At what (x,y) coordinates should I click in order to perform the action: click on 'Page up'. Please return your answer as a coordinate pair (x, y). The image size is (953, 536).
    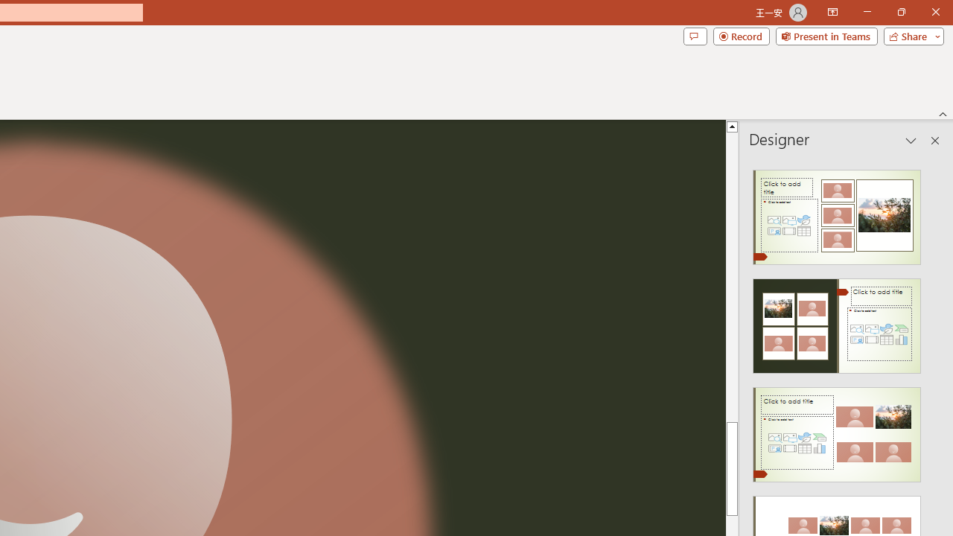
    Looking at the image, I should click on (732, 304).